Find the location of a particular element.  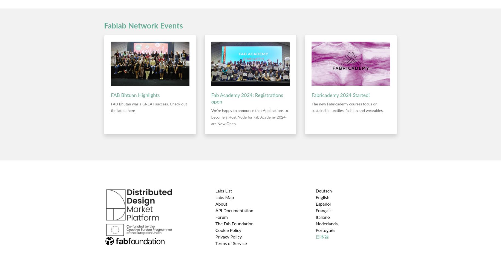

'Deutsch' is located at coordinates (323, 191).